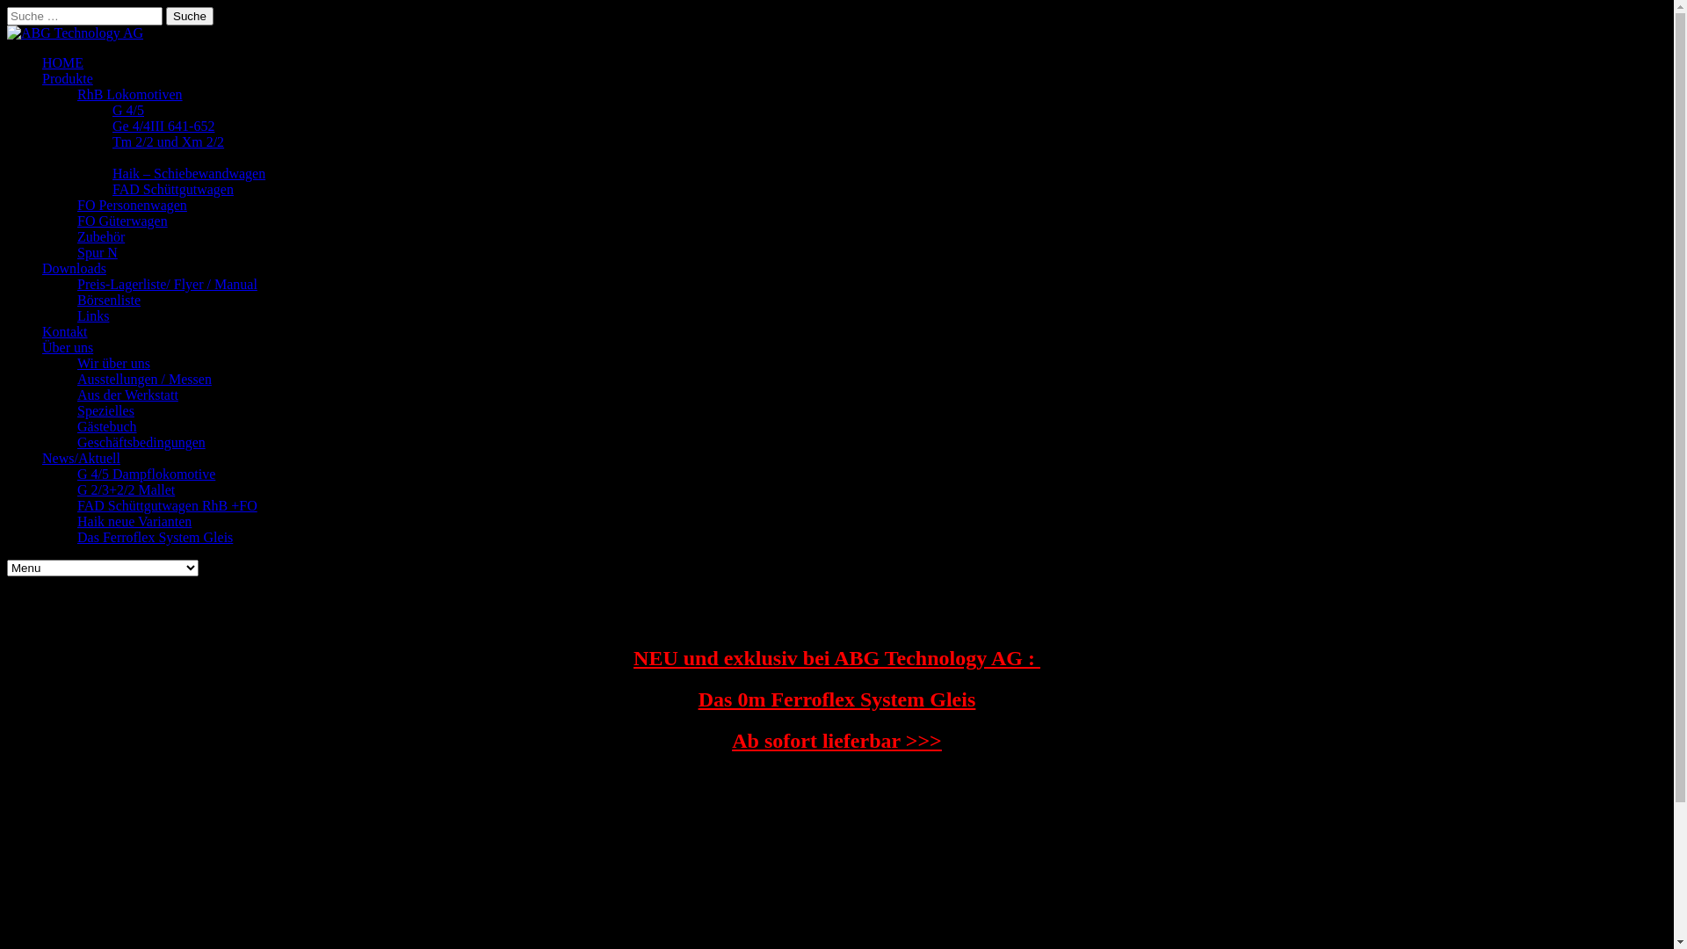 The width and height of the screenshot is (1687, 949). Describe the element at coordinates (836, 698) in the screenshot. I see `'Das 0m Ferroflex System Gleis'` at that location.